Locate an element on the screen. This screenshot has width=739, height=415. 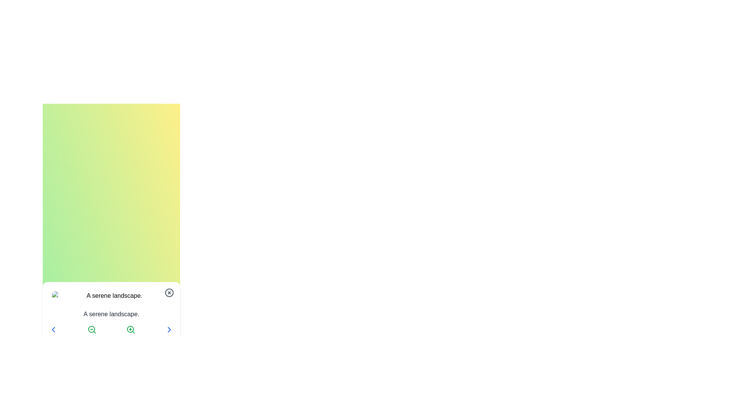
the rightward pointing chevron arrow icon, which is styled as a thin outline in blue and is positioned at the bottom right corner of the interface is located at coordinates (169, 329).